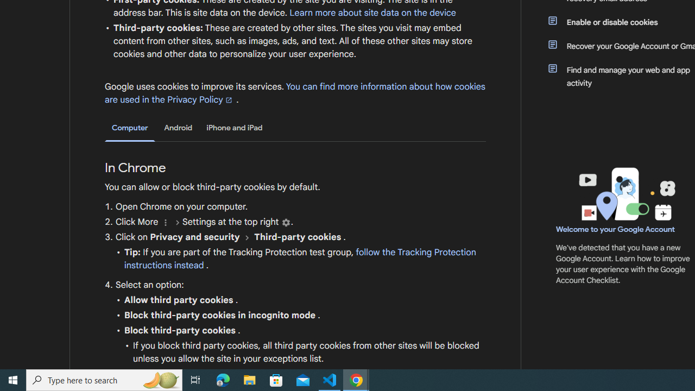 The image size is (695, 391). What do you see at coordinates (165, 222) in the screenshot?
I see `'More'` at bounding box center [165, 222].